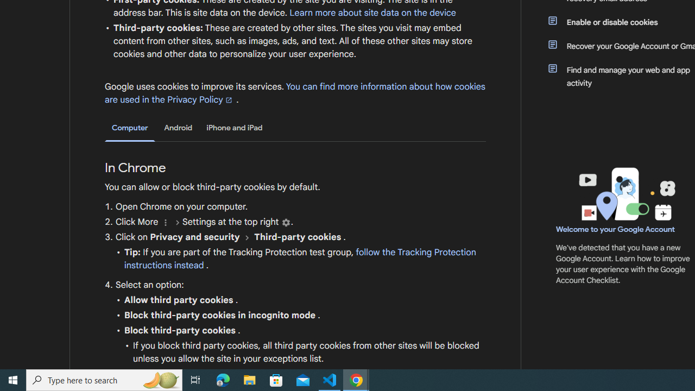 The image size is (695, 391). What do you see at coordinates (165, 222) in the screenshot?
I see `'More'` at bounding box center [165, 222].